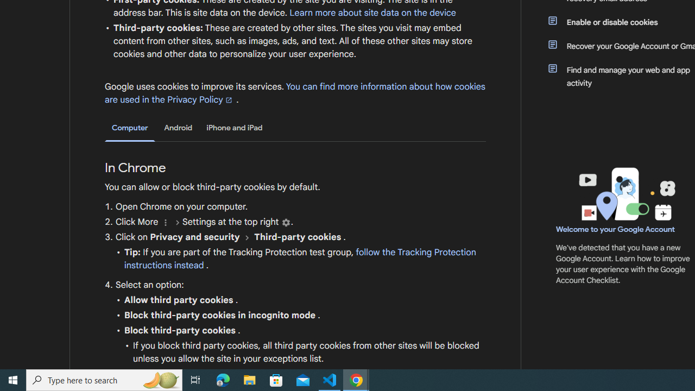 The image size is (695, 391). What do you see at coordinates (165, 222) in the screenshot?
I see `'More'` at bounding box center [165, 222].